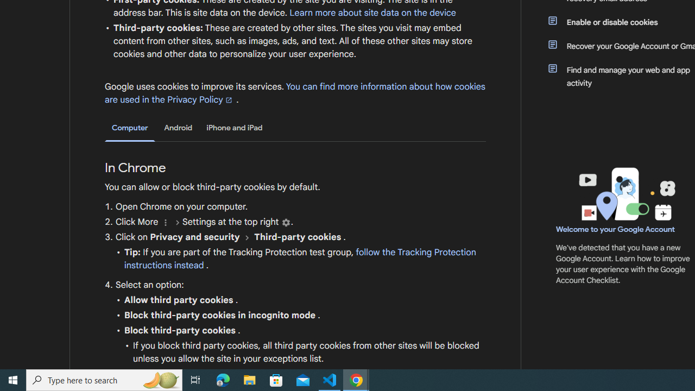 The image size is (695, 391). What do you see at coordinates (165, 222) in the screenshot?
I see `'More'` at bounding box center [165, 222].